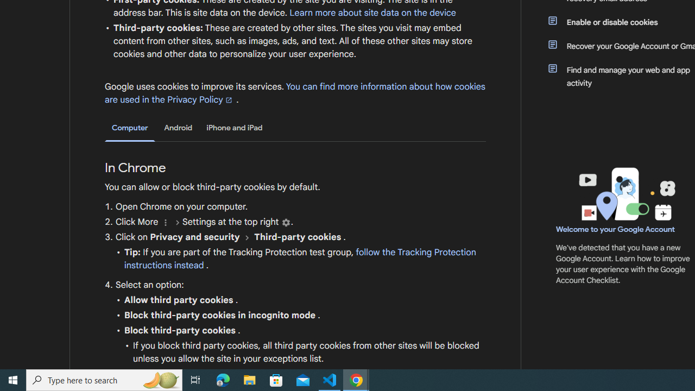 The image size is (695, 391). What do you see at coordinates (165, 222) in the screenshot?
I see `'More'` at bounding box center [165, 222].